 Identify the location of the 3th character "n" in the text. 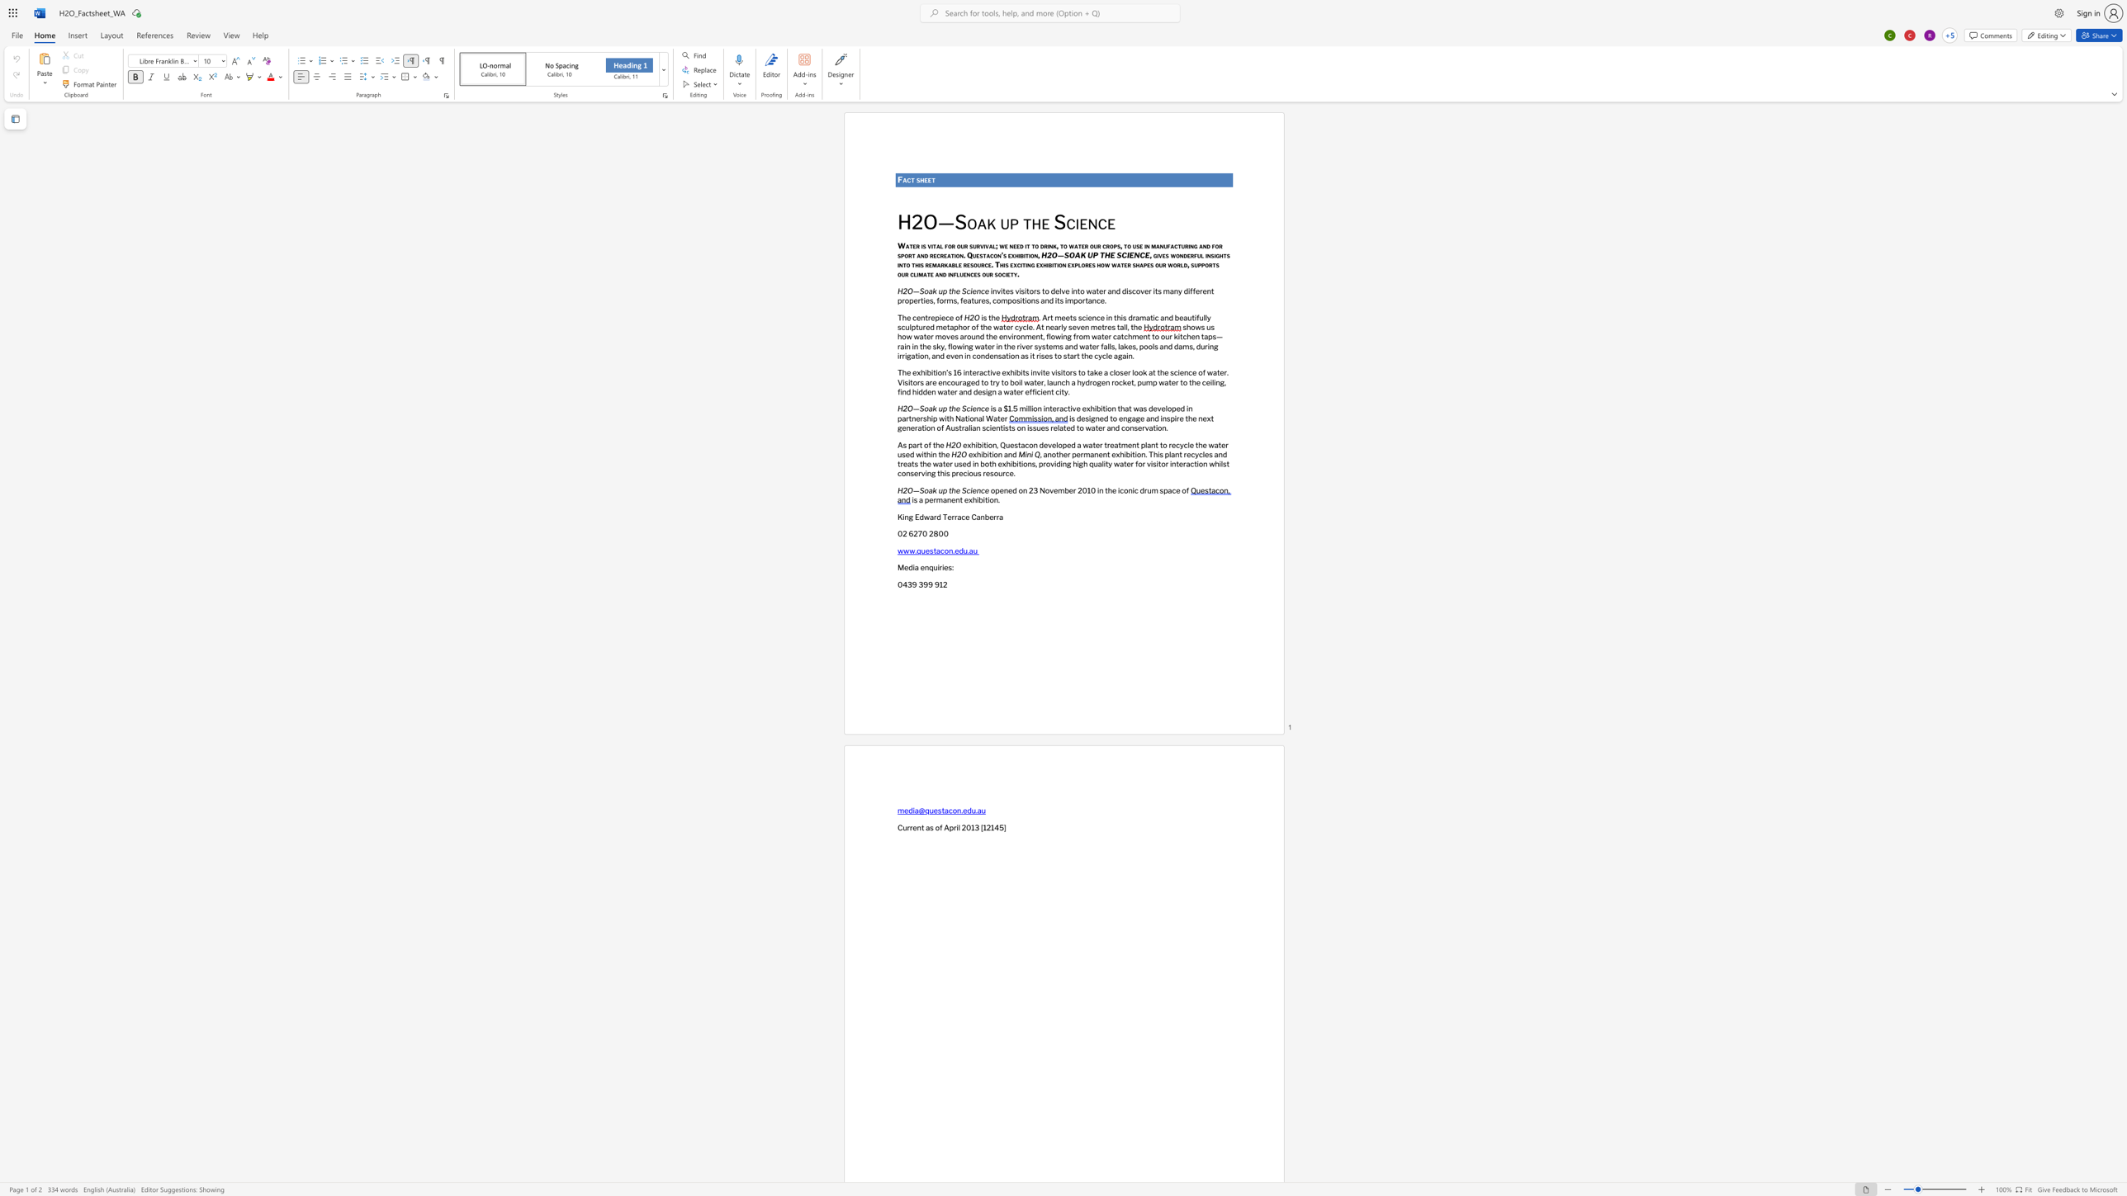
(968, 273).